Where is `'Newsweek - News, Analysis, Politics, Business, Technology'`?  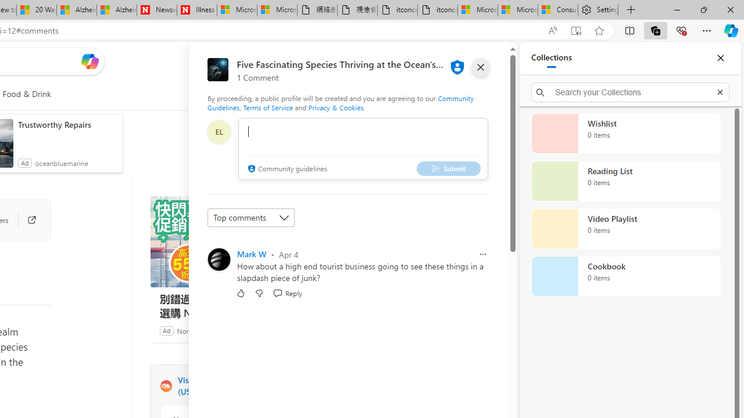 'Newsweek - News, Analysis, Politics, Business, Technology' is located at coordinates (156, 10).